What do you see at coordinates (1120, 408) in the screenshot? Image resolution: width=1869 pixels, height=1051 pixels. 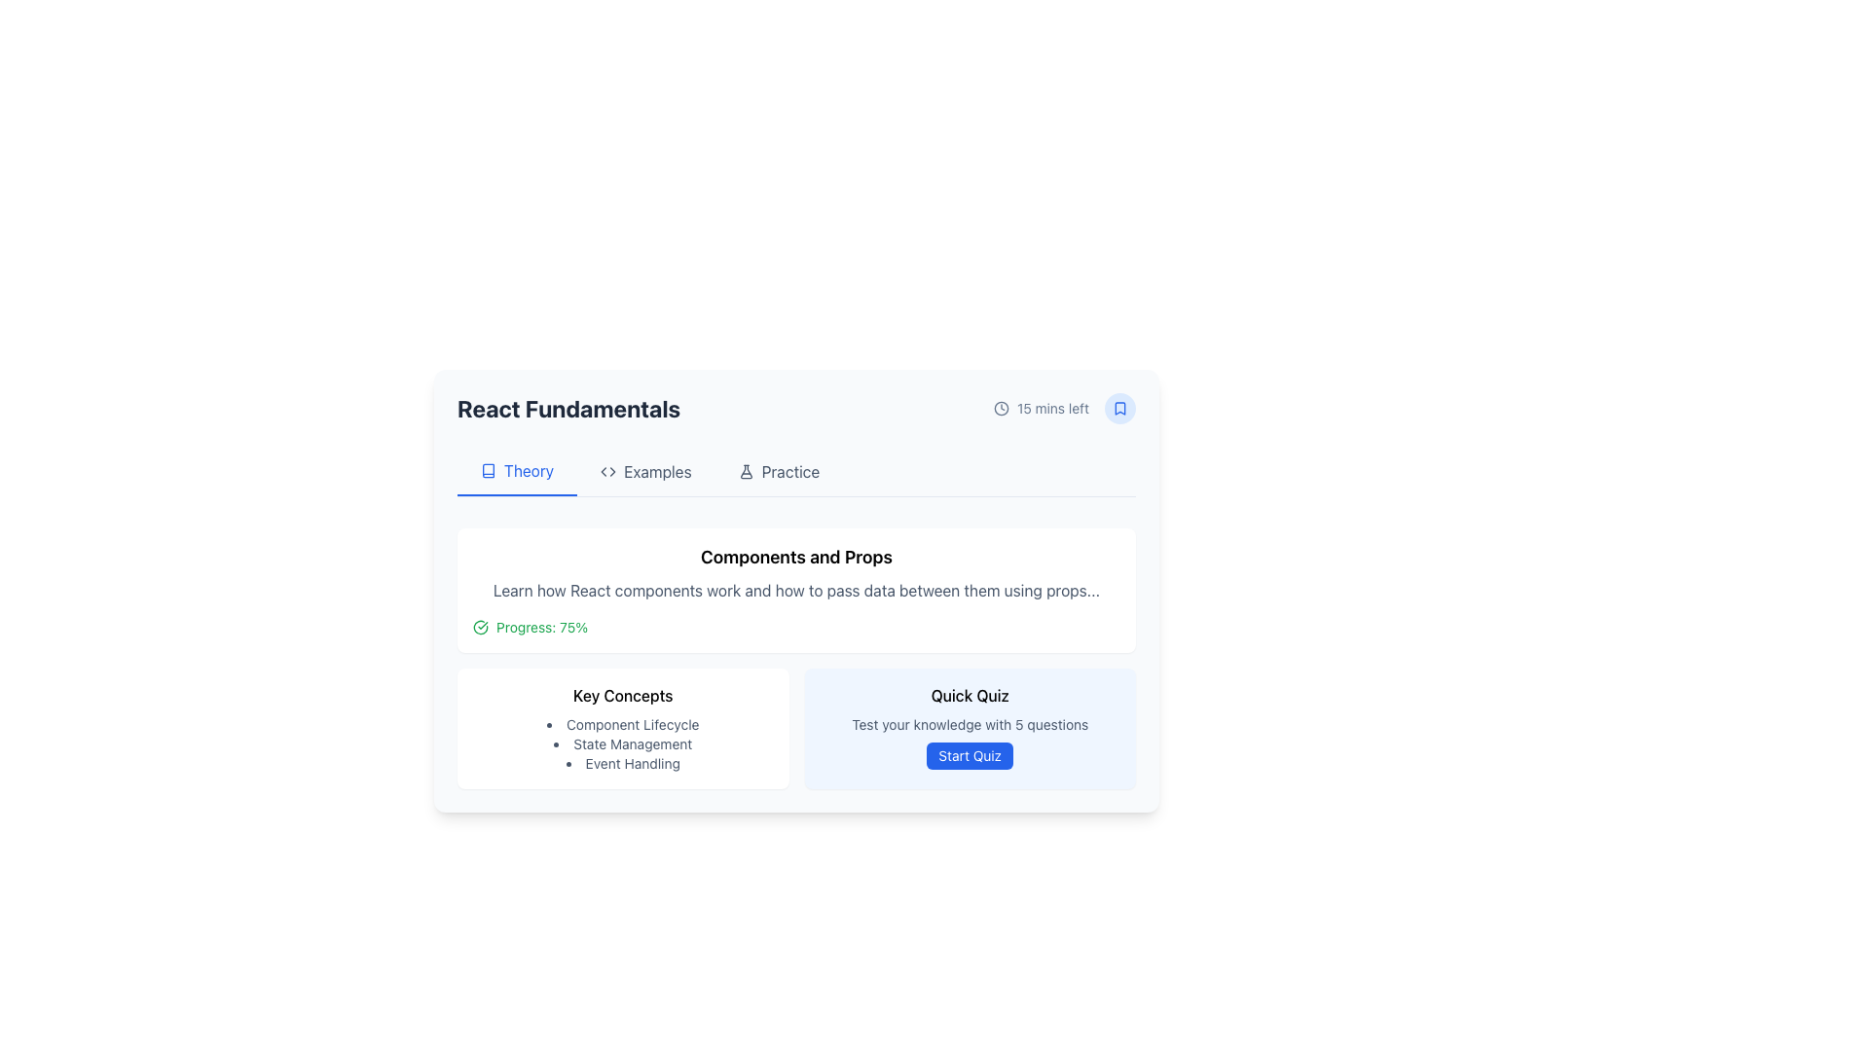 I see `the round light blue button with a blue bookmark icon located in the top-right corner of the 'React Fundamentals' card to bookmark or unbookmark` at bounding box center [1120, 408].